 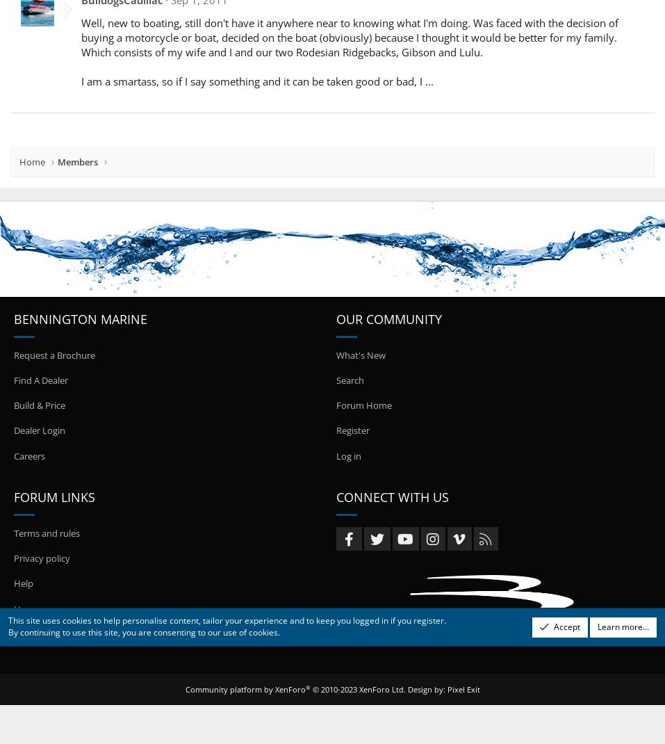 I want to click on 'This site uses cookies to help personalise content, tailor your experience and to keep you logged in if you register.', so click(x=7, y=620).